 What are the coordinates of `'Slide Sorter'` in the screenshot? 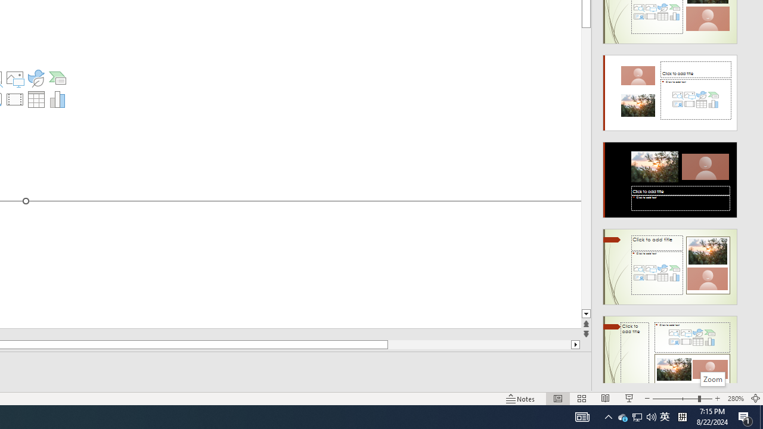 It's located at (582, 399).